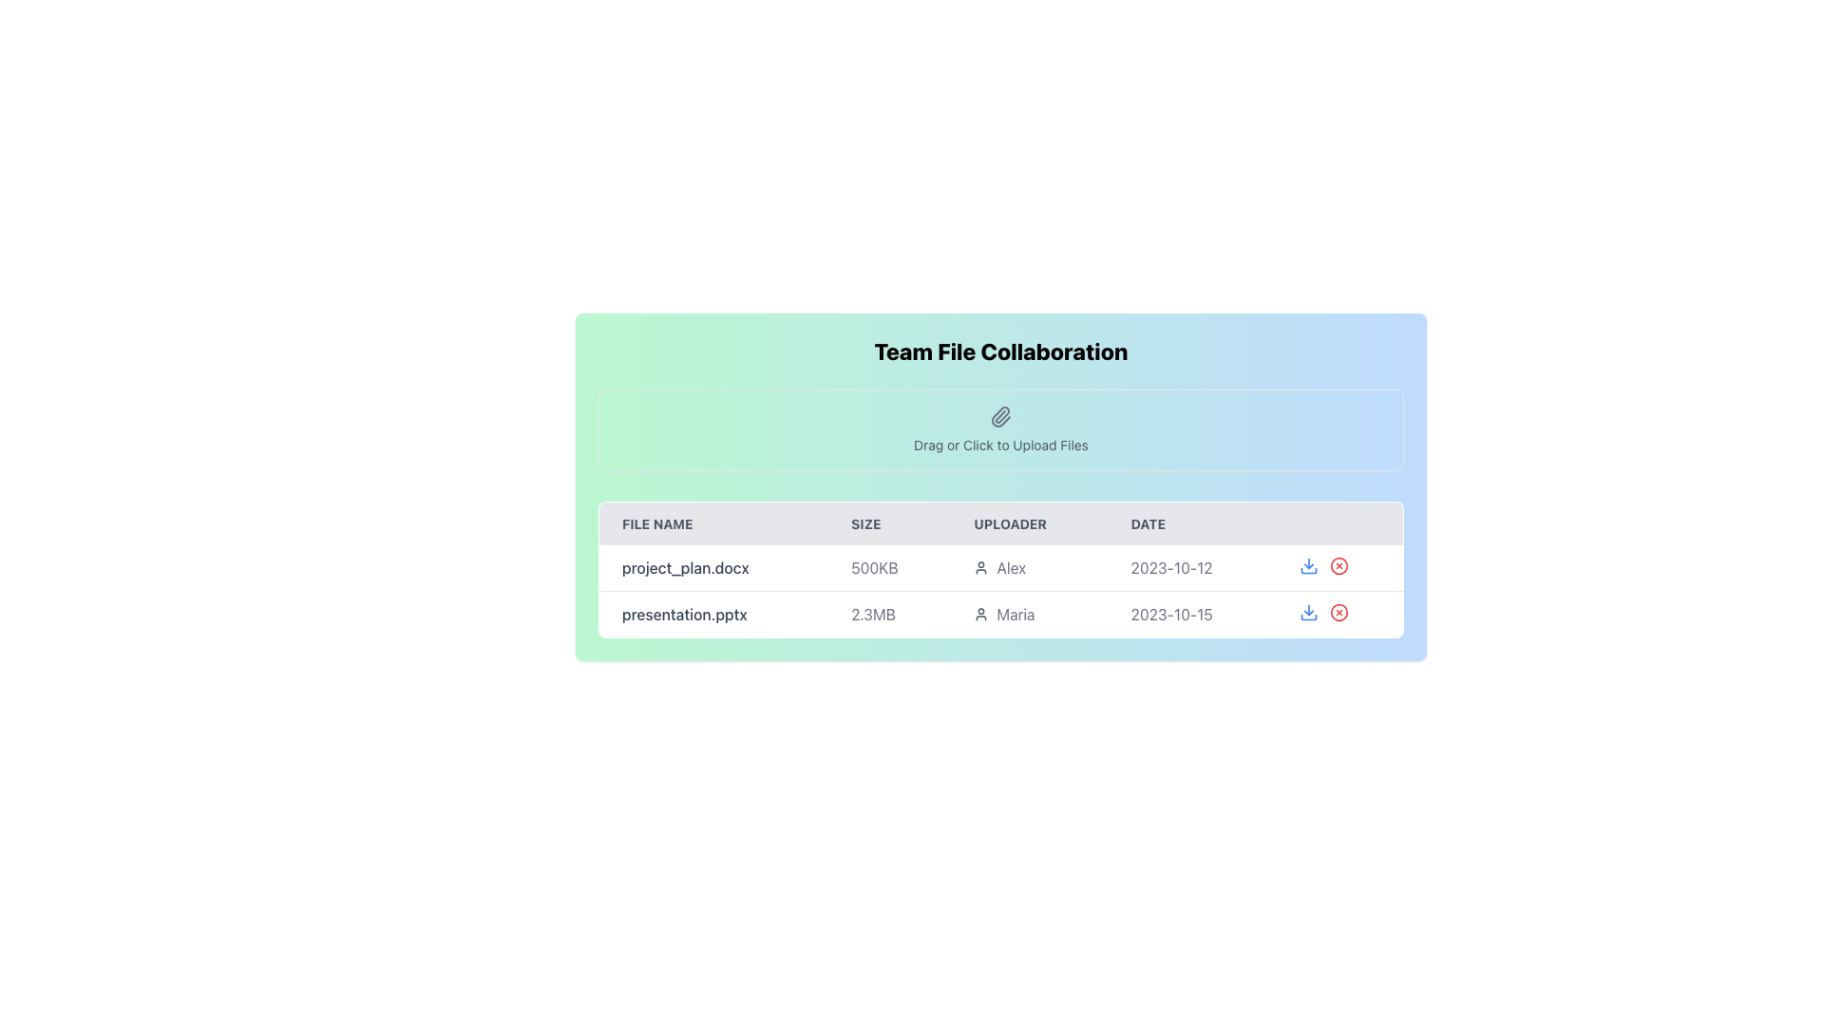 The width and height of the screenshot is (1824, 1026). What do you see at coordinates (1308, 612) in the screenshot?
I see `the download button located in the action column of the second row in the file listing table to initiate the file download` at bounding box center [1308, 612].